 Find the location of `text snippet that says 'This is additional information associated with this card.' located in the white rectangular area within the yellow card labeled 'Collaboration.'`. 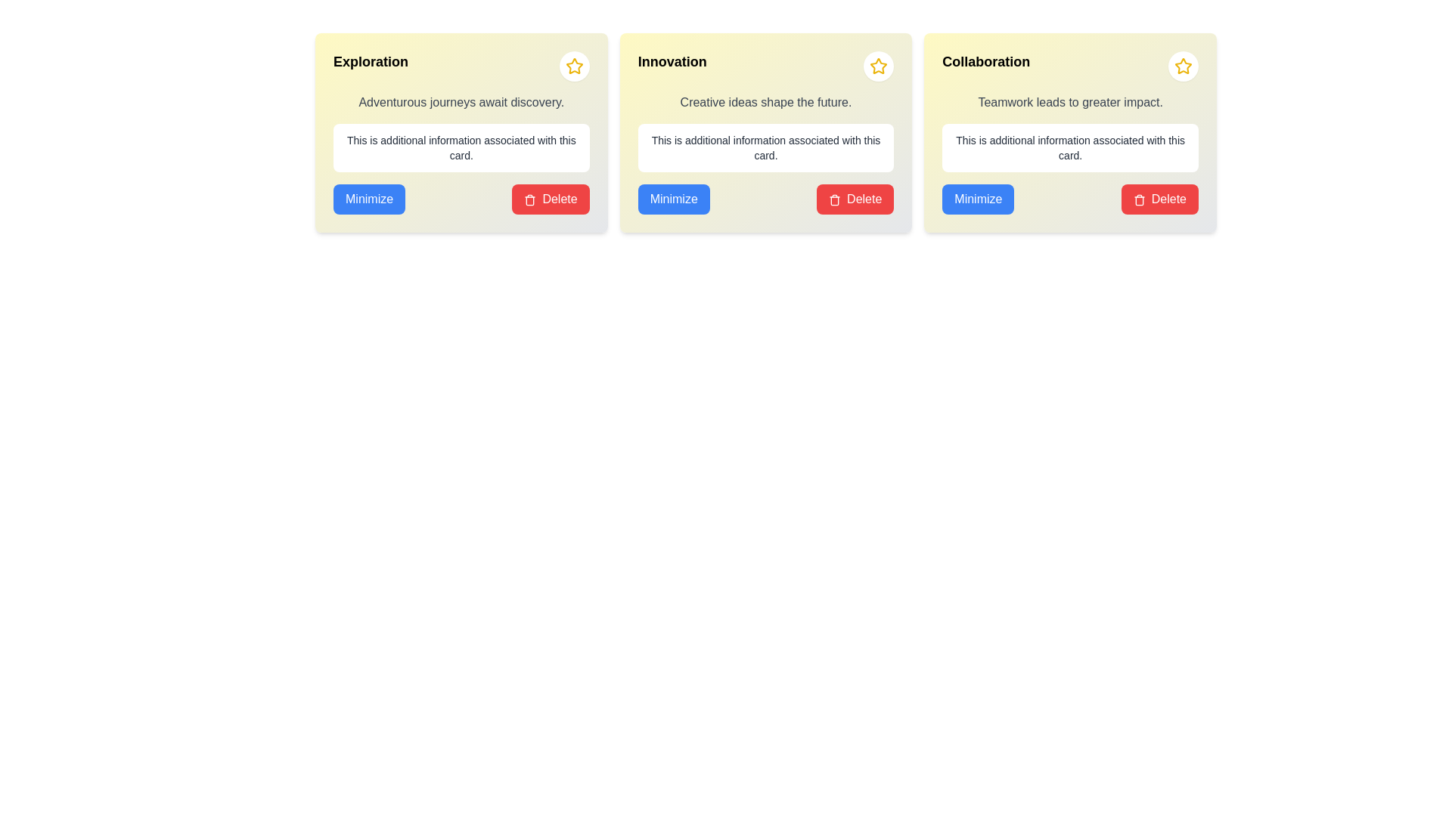

text snippet that says 'This is additional information associated with this card.' located in the white rectangular area within the yellow card labeled 'Collaboration.' is located at coordinates (1069, 148).